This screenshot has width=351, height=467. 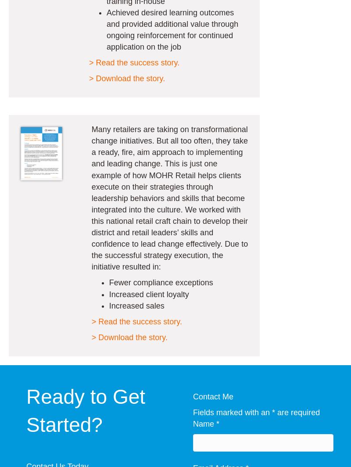 I want to click on 'Many retailers are taking on transformational change initiatives. But all too often, they take a ready, fire, aim approach to implementing and leading change. This is just one example of how MOHR Retail helps clients execute on their strategies through leadership behaviors and skills that become integrated into the culture. We worked with this national retail craft chain to develop their district and retail leaders’ skills and confidence to lead change effectively. Due to the successful strategy execution, the initiative resulted in:', so click(x=169, y=198).